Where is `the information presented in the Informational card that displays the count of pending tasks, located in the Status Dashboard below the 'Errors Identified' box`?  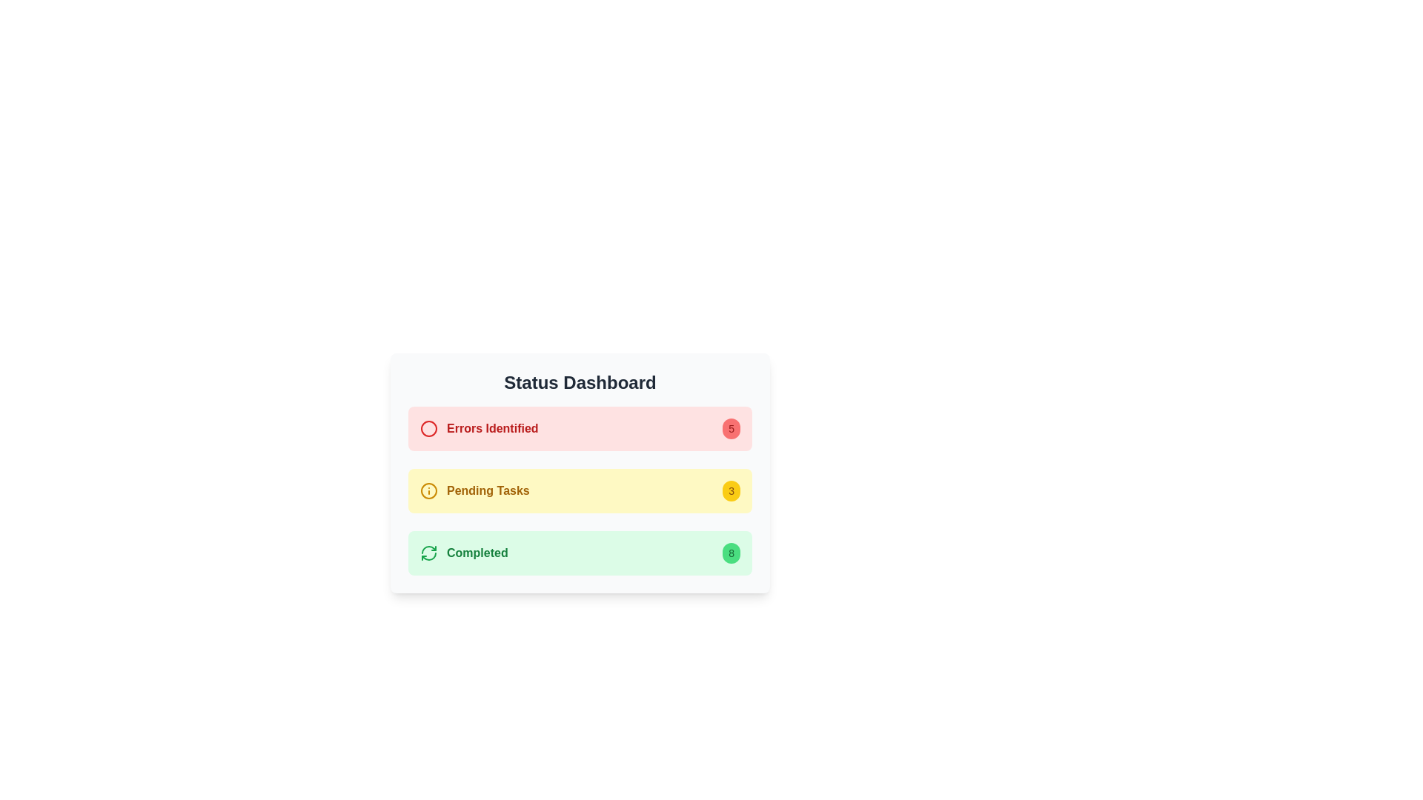 the information presented in the Informational card that displays the count of pending tasks, located in the Status Dashboard below the 'Errors Identified' box is located at coordinates (579, 473).